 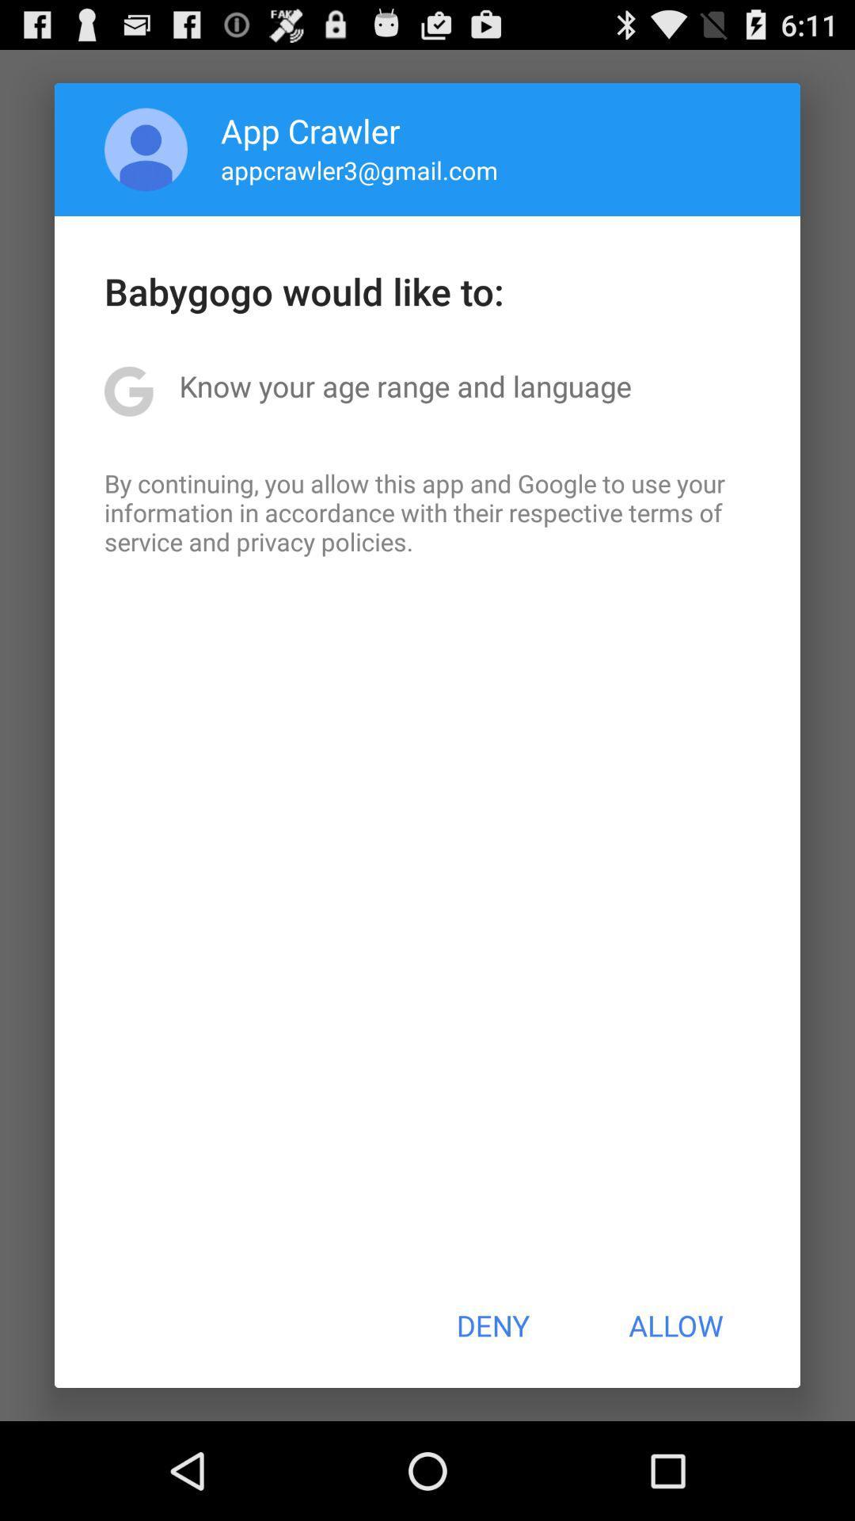 What do you see at coordinates (310, 130) in the screenshot?
I see `app above the appcrawler3@gmail.com icon` at bounding box center [310, 130].